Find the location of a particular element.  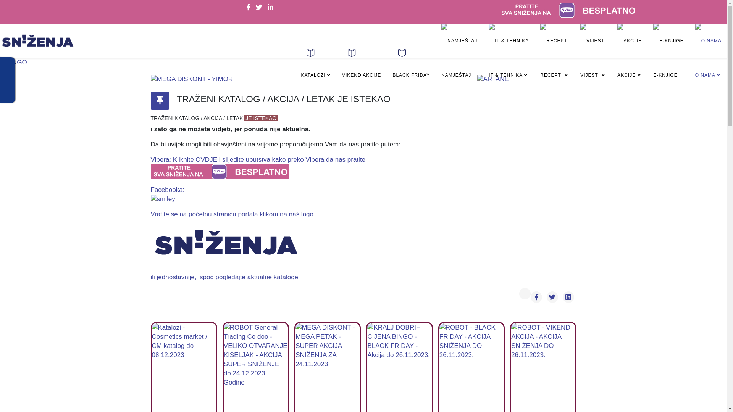

'E-KNJIGE' is located at coordinates (668, 57).